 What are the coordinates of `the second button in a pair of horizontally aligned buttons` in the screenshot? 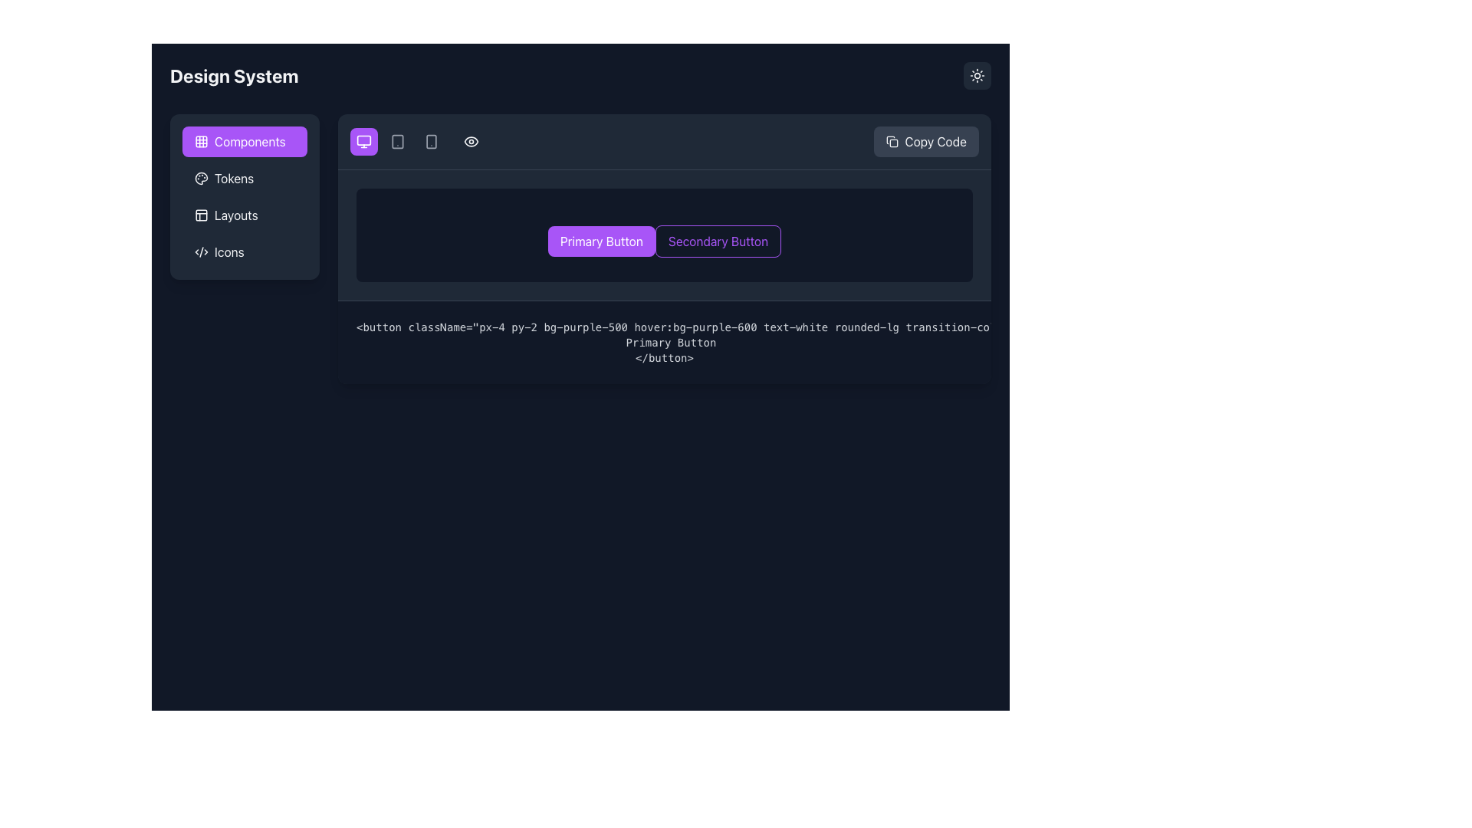 It's located at (665, 248).